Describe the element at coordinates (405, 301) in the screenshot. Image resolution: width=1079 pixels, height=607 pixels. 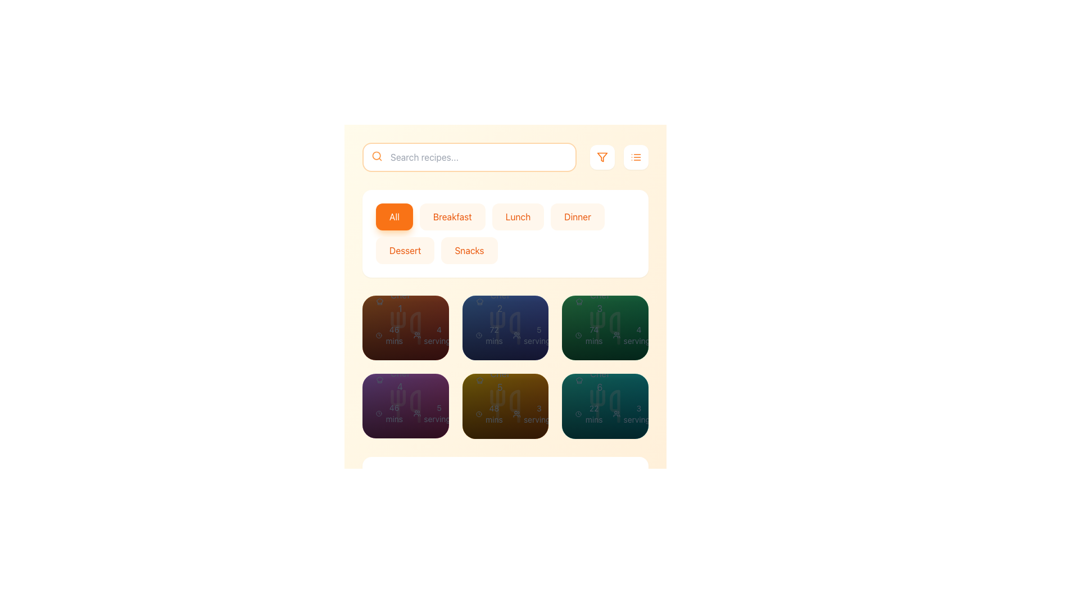
I see `the informational overlay panel located at the bottom of the first recipe card in the top-left corner of the recipe grid` at that location.